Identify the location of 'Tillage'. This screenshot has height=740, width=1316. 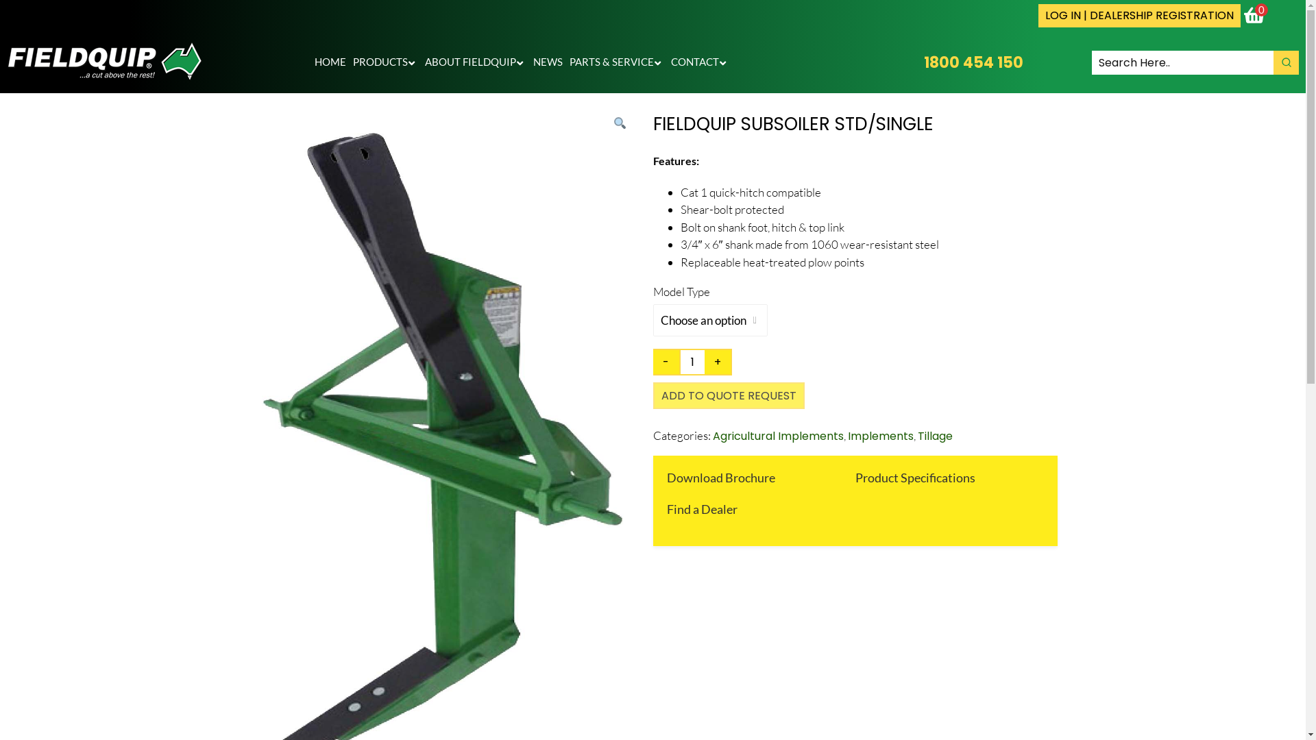
(934, 436).